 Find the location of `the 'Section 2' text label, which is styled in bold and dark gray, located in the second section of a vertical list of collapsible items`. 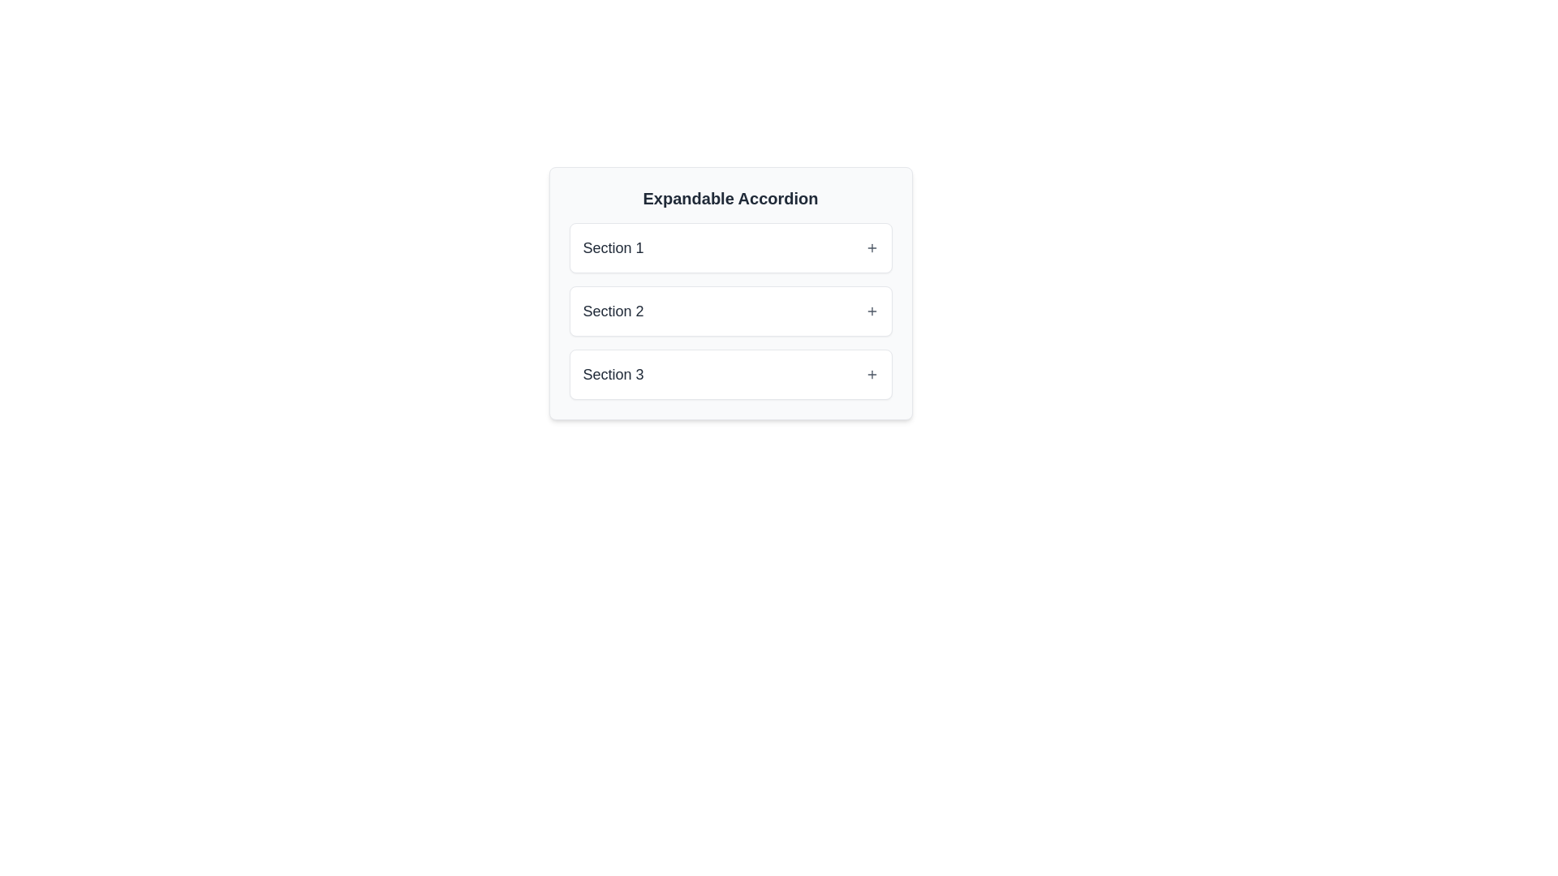

the 'Section 2' text label, which is styled in bold and dark gray, located in the second section of a vertical list of collapsible items is located at coordinates (613, 311).